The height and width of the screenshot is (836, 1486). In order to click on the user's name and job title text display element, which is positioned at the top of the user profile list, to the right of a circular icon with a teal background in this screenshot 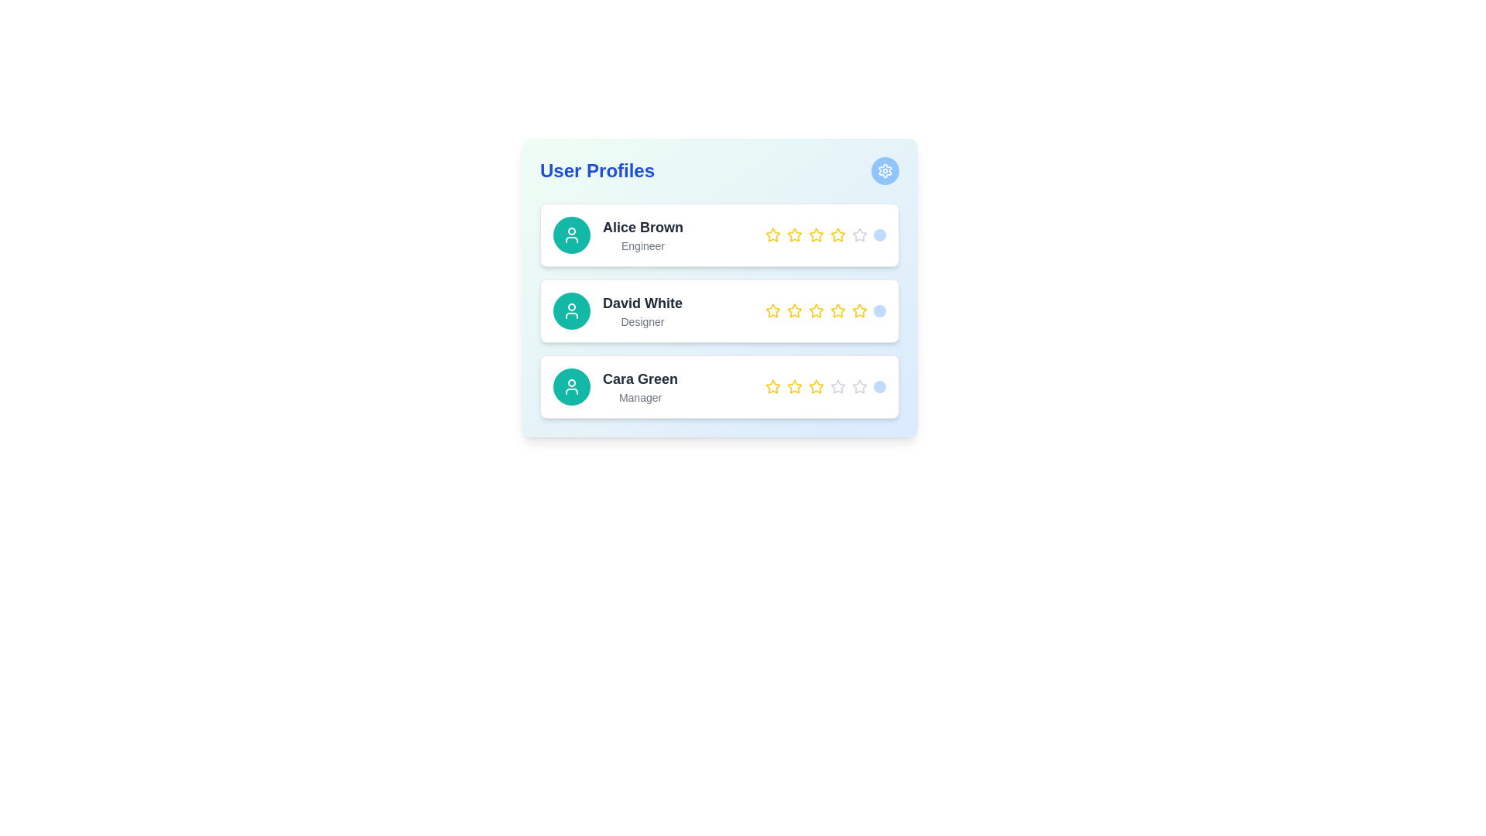, I will do `click(642, 235)`.